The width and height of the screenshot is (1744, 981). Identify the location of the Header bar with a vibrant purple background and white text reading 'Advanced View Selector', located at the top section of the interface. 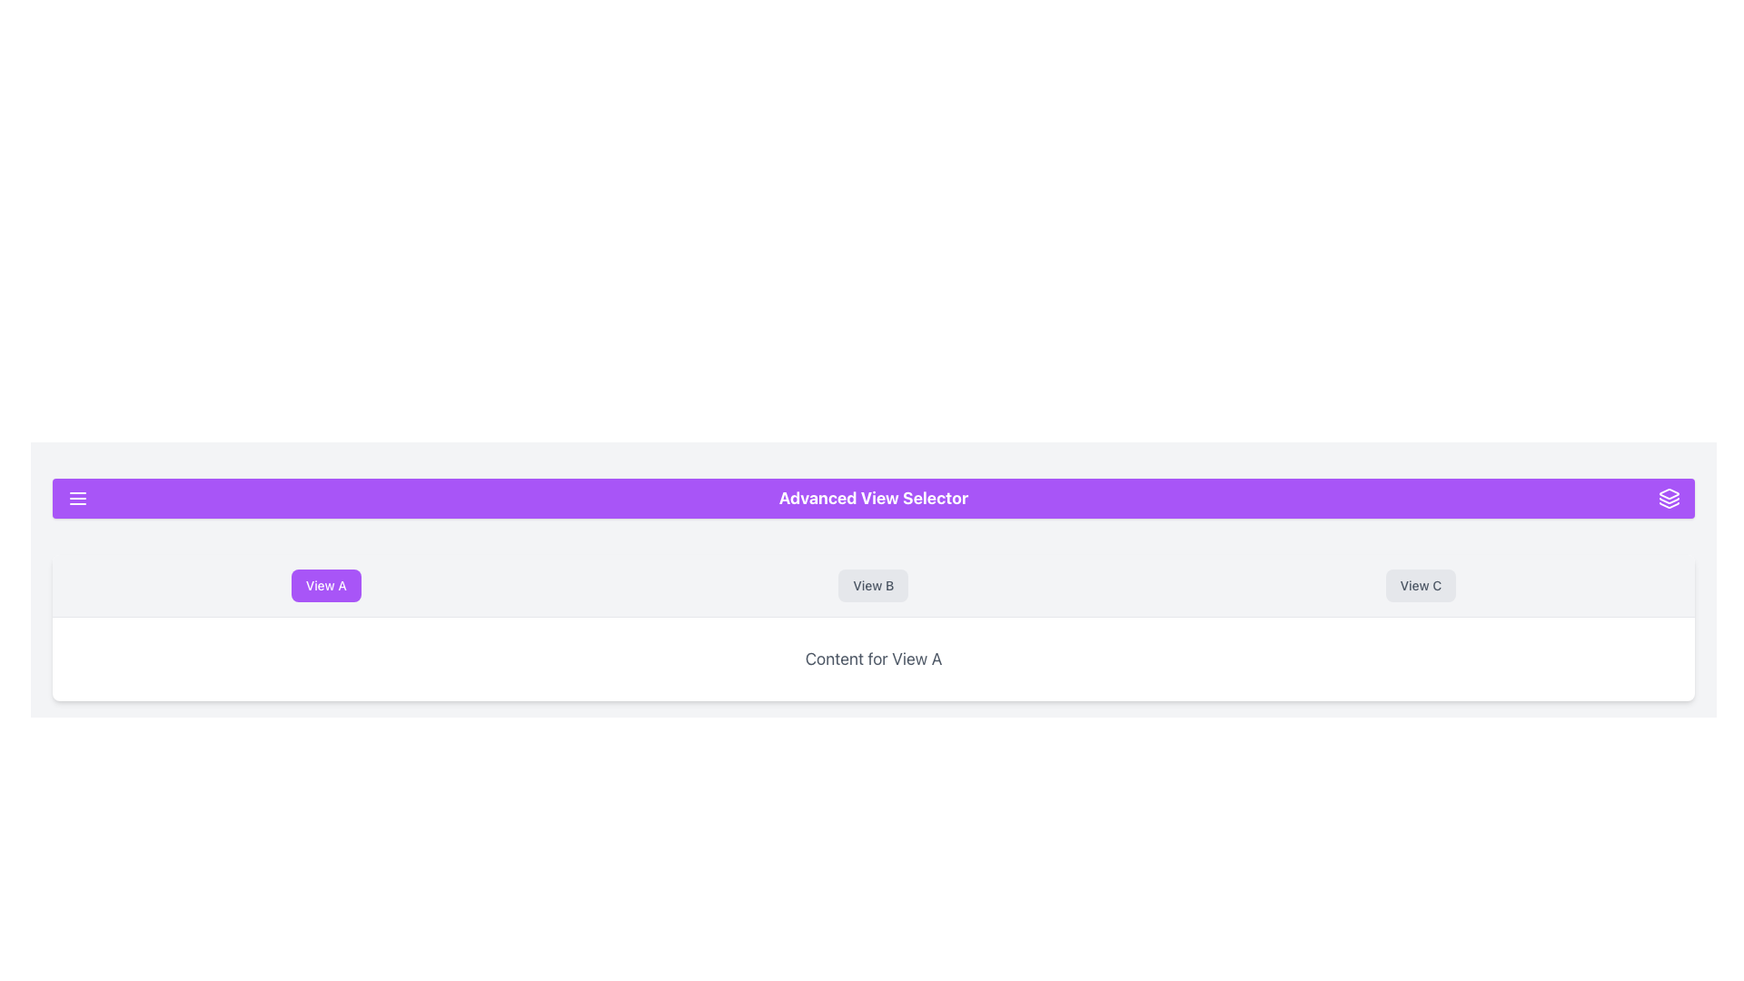
(873, 498).